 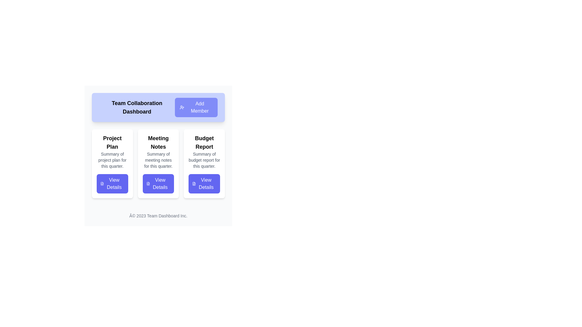 What do you see at coordinates (158, 163) in the screenshot?
I see `the 'View Details' button on the 'Meeting Notes' card, which is the second card in a row of three with a white background and a purple button` at bounding box center [158, 163].